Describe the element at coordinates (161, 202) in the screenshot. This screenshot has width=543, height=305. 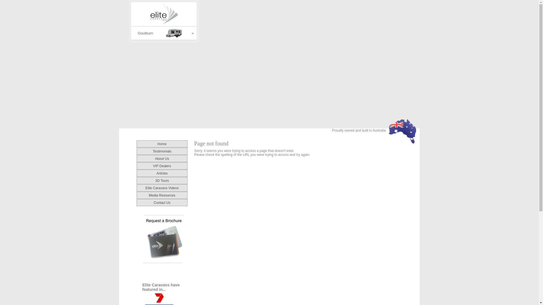
I see `'Contact Us'` at that location.